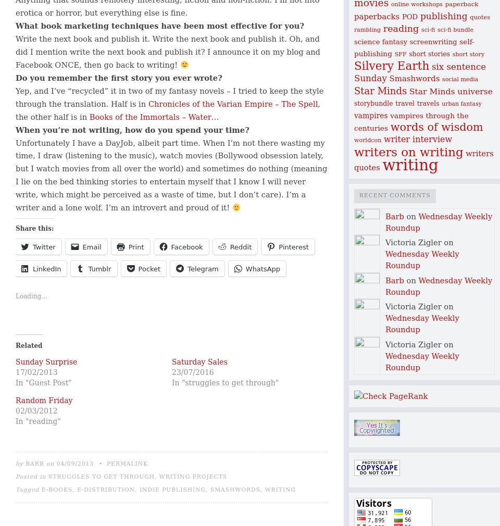 The image size is (500, 526). What do you see at coordinates (390, 4) in the screenshot?
I see `'online workshops'` at bounding box center [390, 4].